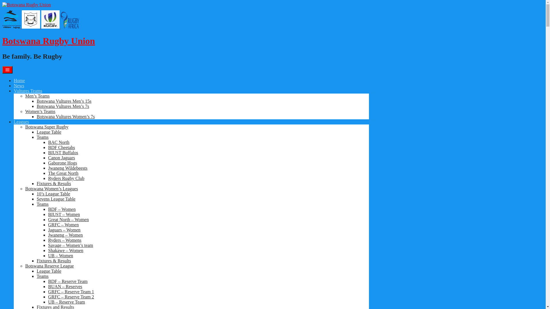 The height and width of the screenshot is (309, 550). Describe the element at coordinates (11, 19) in the screenshot. I see `'Botswana  National Sports Council'` at that location.